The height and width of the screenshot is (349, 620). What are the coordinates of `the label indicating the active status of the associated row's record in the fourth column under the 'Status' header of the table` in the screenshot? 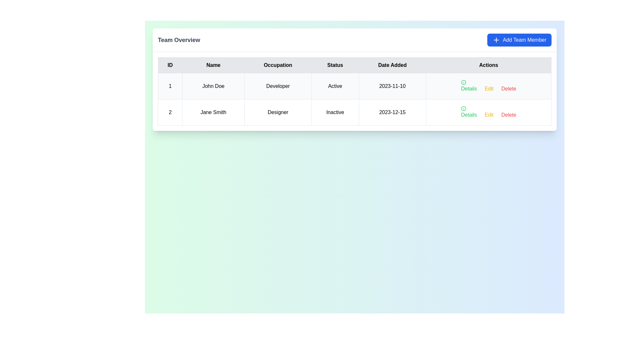 It's located at (335, 86).